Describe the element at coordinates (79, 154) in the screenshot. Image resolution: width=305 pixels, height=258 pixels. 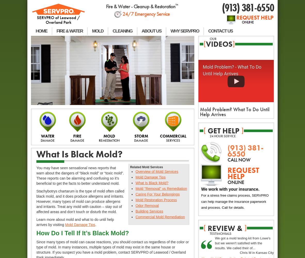
I see `'What Is Black Mold?'` at that location.